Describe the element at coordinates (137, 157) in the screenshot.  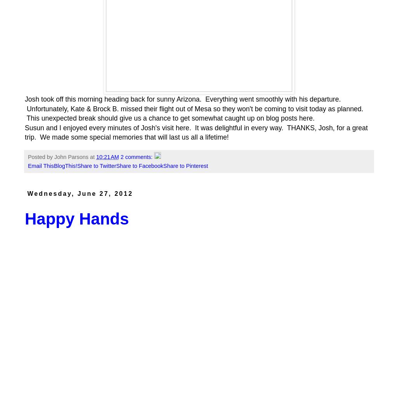
I see `'2 comments:'` at that location.